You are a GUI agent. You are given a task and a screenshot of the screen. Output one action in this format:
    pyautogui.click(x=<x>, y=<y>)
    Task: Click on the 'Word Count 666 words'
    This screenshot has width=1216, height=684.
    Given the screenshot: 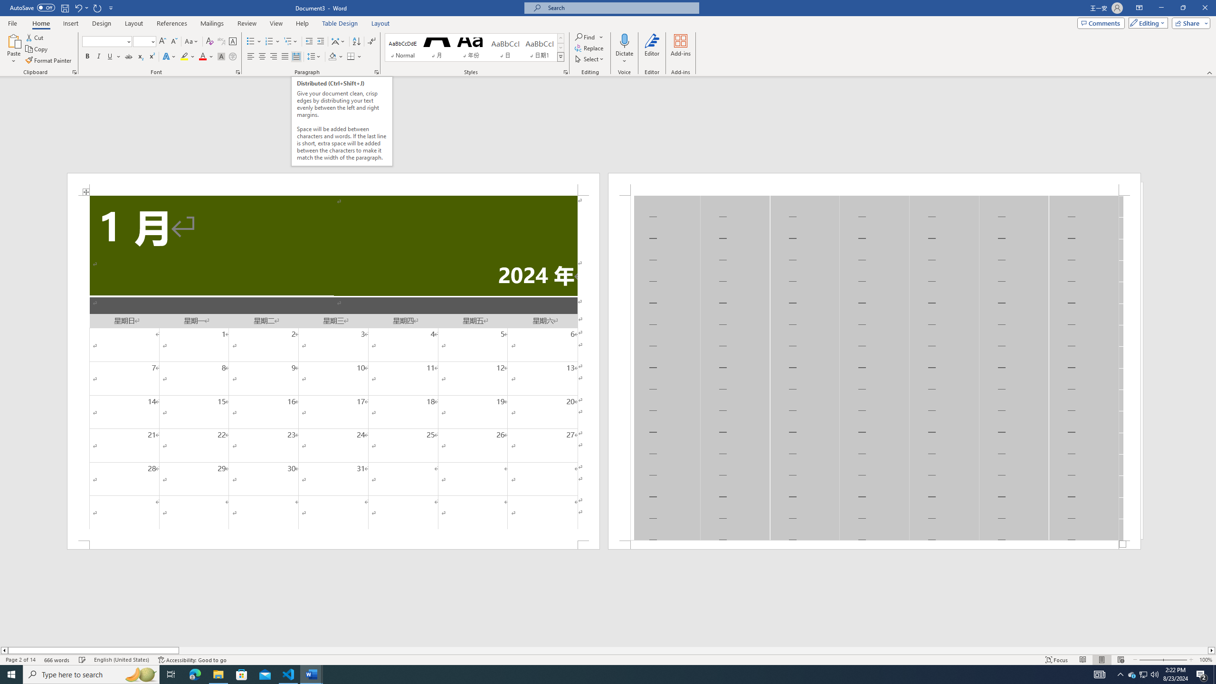 What is the action you would take?
    pyautogui.click(x=57, y=660)
    